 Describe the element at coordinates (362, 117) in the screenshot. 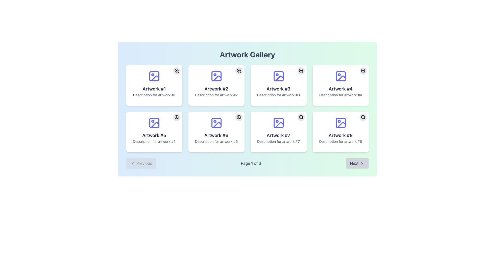

I see `the circular graphic component that represents the zoom functionality, located near the top-right corner of the card labeled 'Artwork #8' in the artwork gallery interface` at that location.